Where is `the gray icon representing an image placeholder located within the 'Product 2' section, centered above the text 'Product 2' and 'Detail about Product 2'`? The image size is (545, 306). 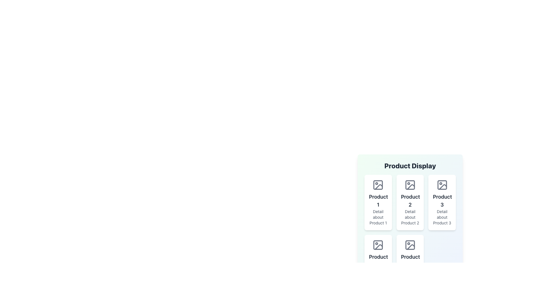 the gray icon representing an image placeholder located within the 'Product 2' section, centered above the text 'Product 2' and 'Detail about Product 2' is located at coordinates (410, 185).